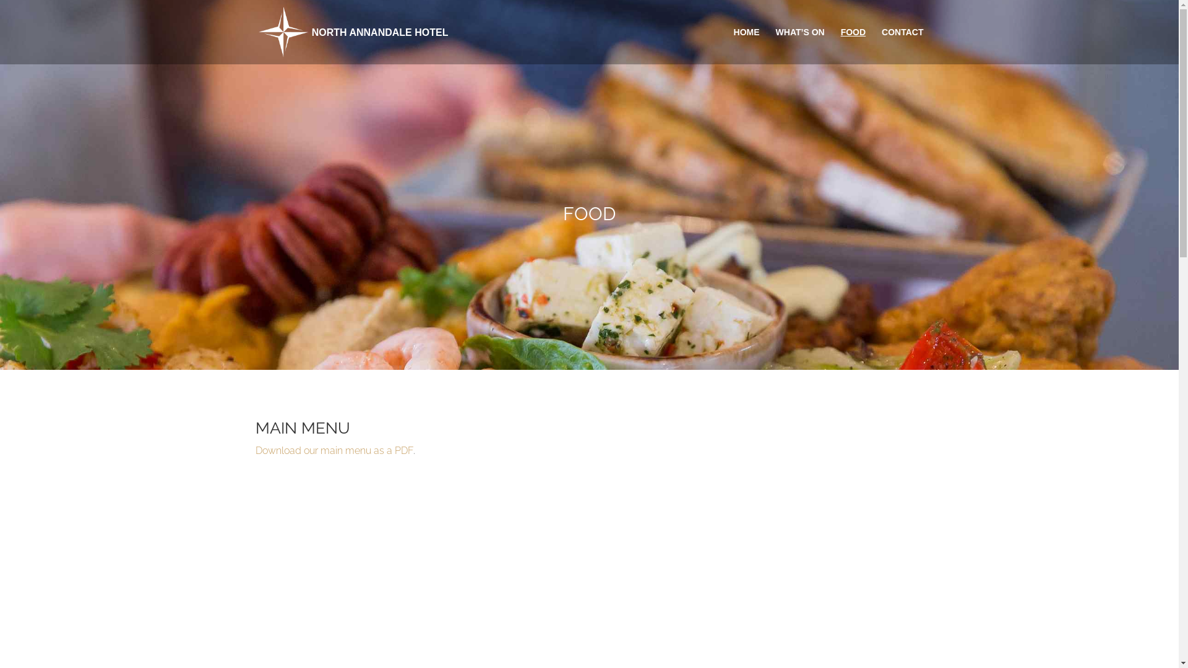  Describe the element at coordinates (746, 45) in the screenshot. I see `'HOME'` at that location.